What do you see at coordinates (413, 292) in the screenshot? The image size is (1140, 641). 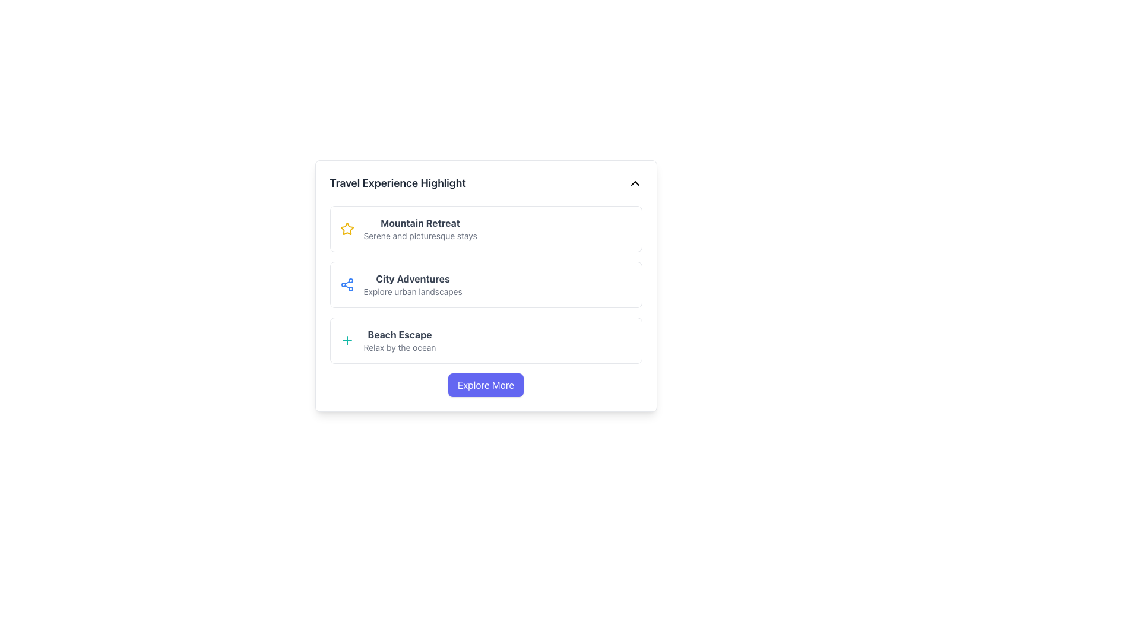 I see `the descriptive caption element located below the 'City Adventures' title in the second section of the list` at bounding box center [413, 292].